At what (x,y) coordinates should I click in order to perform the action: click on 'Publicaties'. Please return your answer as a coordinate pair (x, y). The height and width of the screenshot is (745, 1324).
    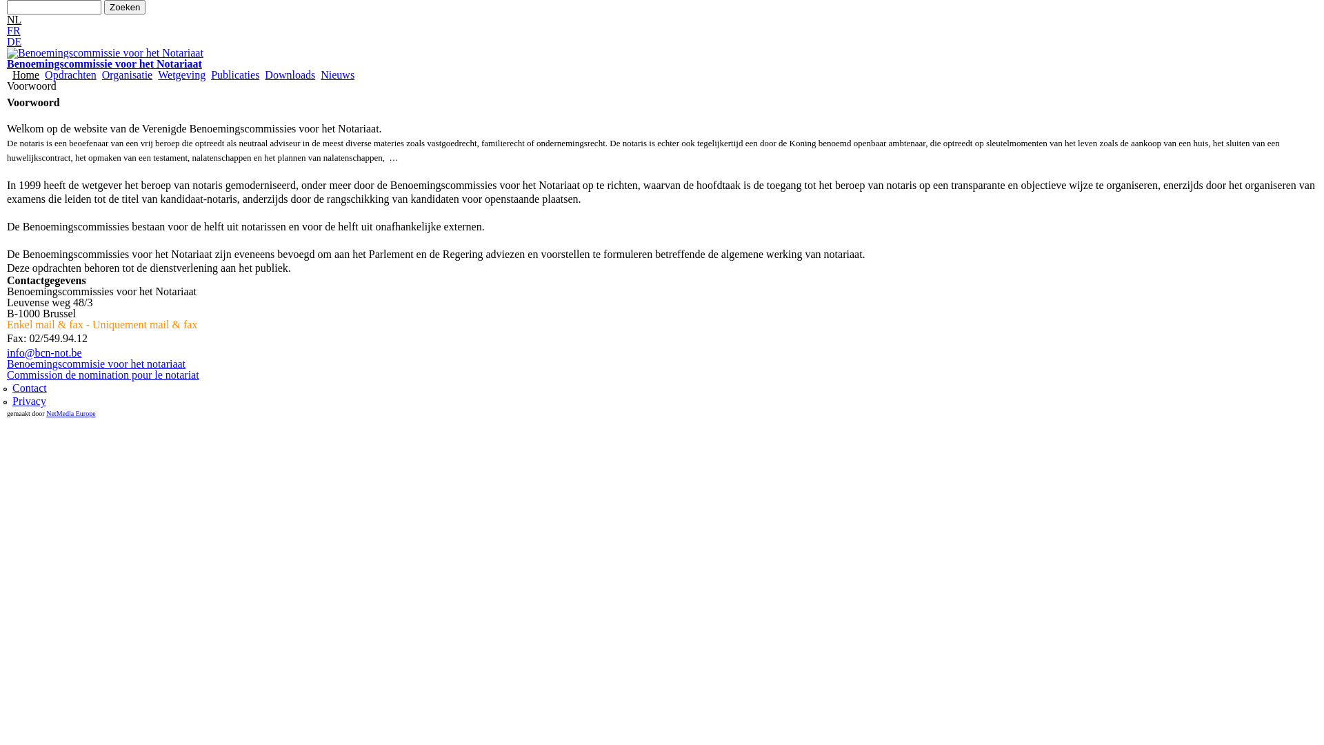
    Looking at the image, I should click on (234, 74).